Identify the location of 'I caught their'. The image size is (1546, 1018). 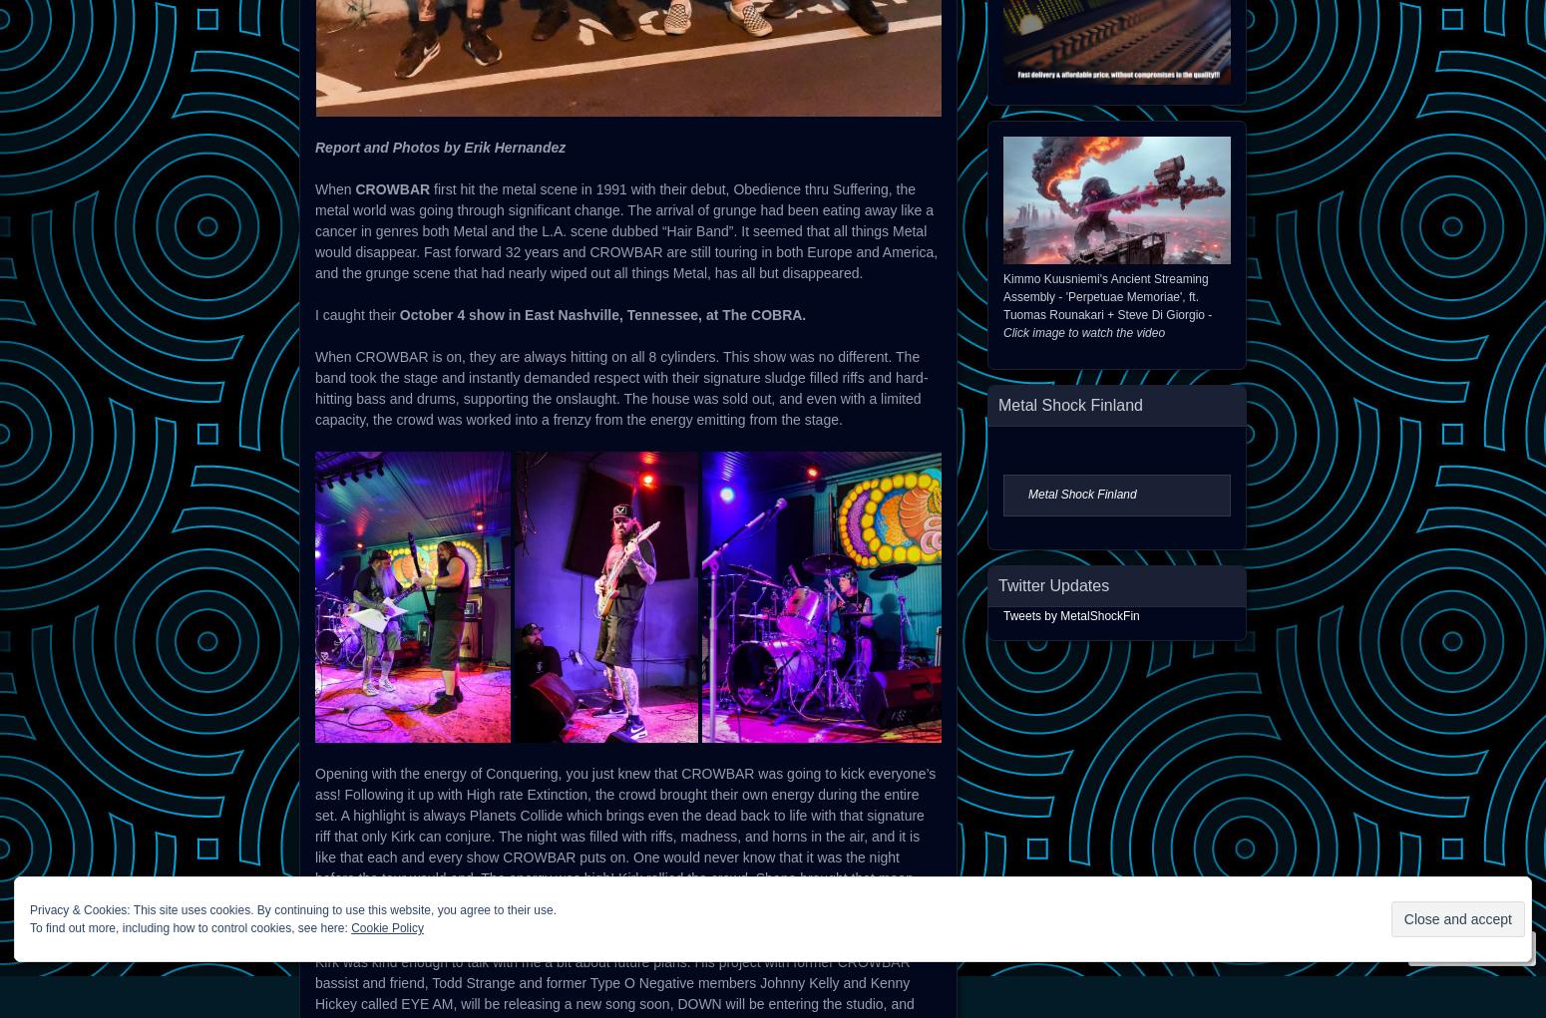
(356, 313).